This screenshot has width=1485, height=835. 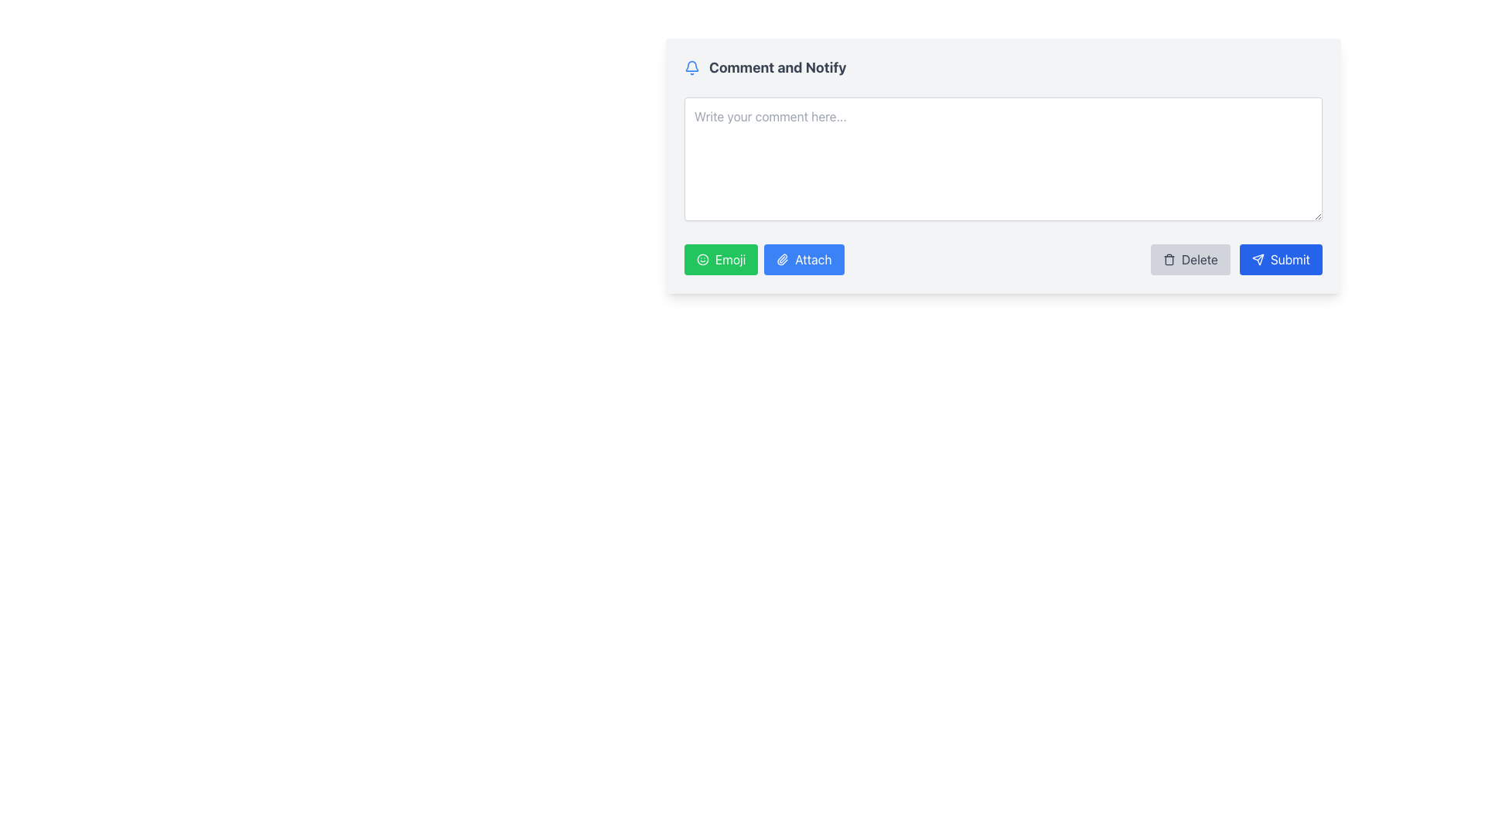 I want to click on the attach button located at the right end of the horizontal button group in the 'Comment and Notify' section, immediately to the right of the green 'Emoji' button, so click(x=804, y=258).